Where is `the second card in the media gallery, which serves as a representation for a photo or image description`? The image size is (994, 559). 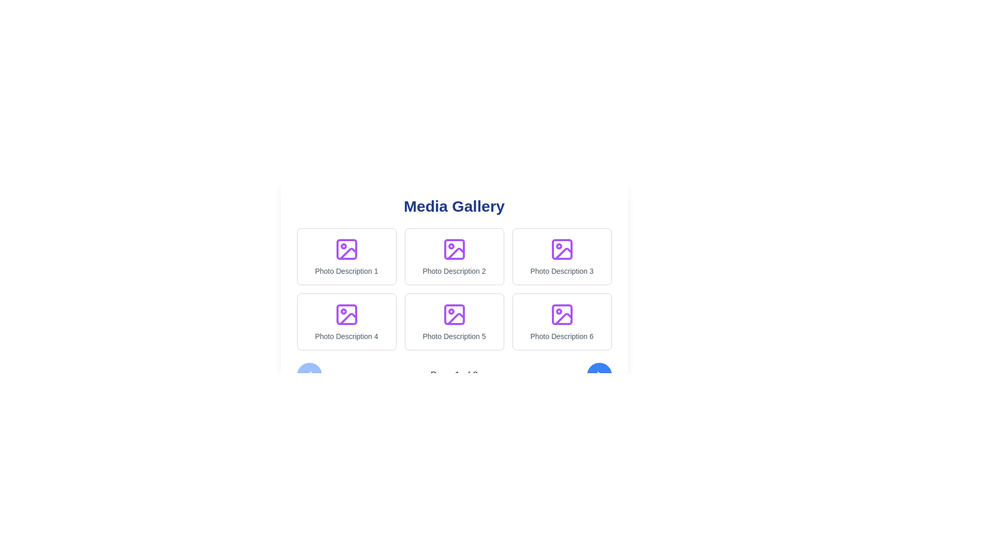
the second card in the media gallery, which serves as a representation for a photo or image description is located at coordinates (454, 256).